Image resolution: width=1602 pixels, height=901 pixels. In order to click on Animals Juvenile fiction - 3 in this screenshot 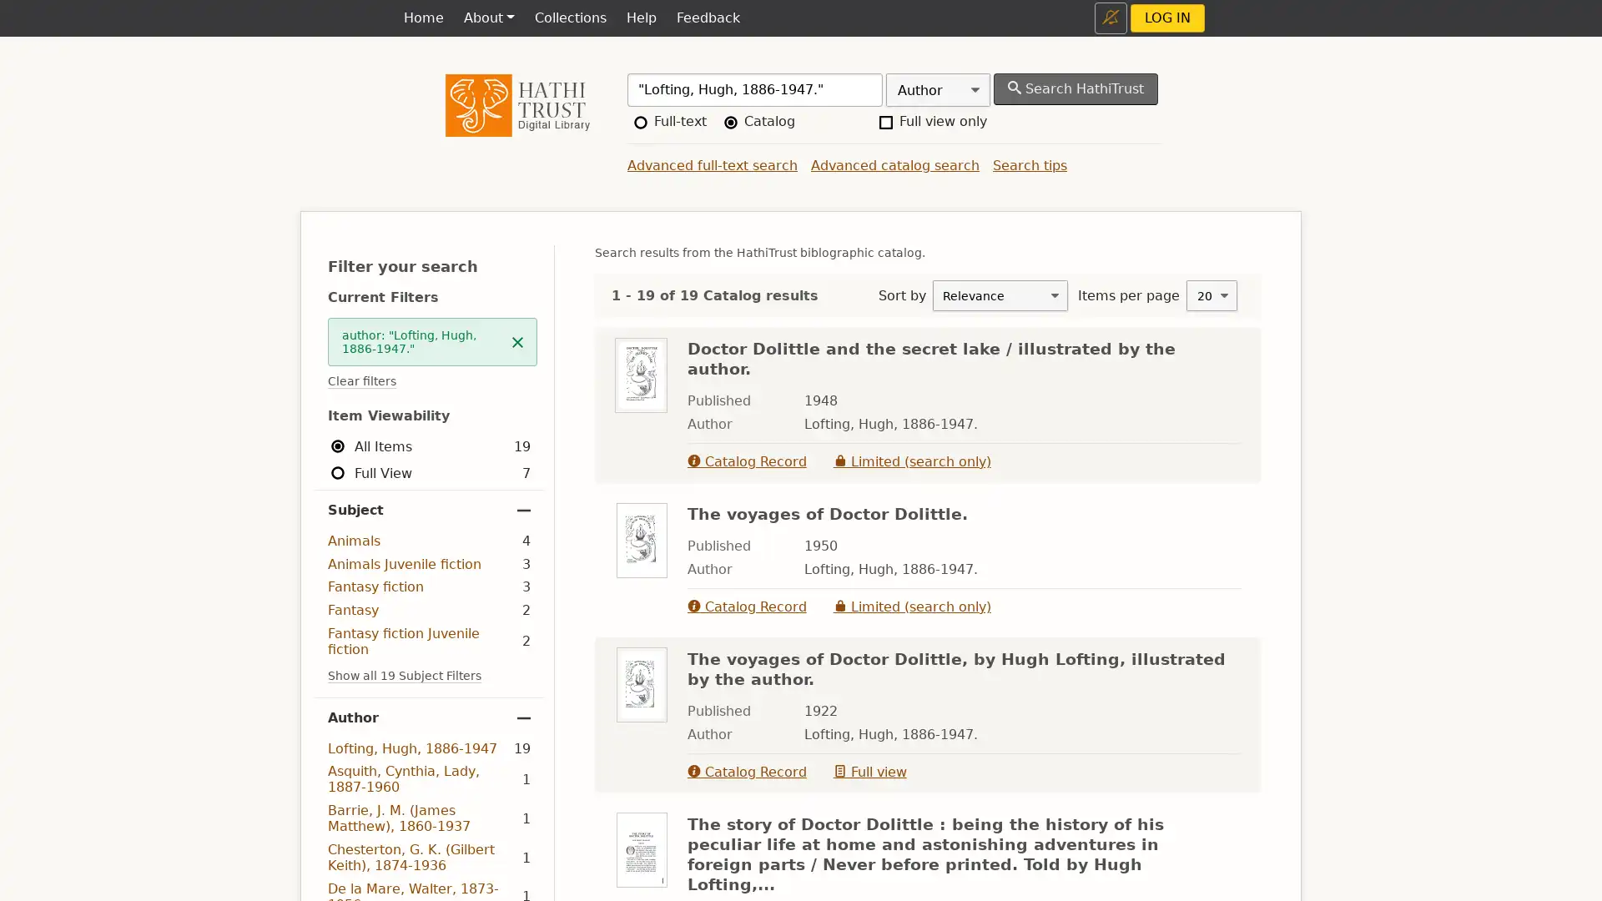, I will do `click(429, 563)`.